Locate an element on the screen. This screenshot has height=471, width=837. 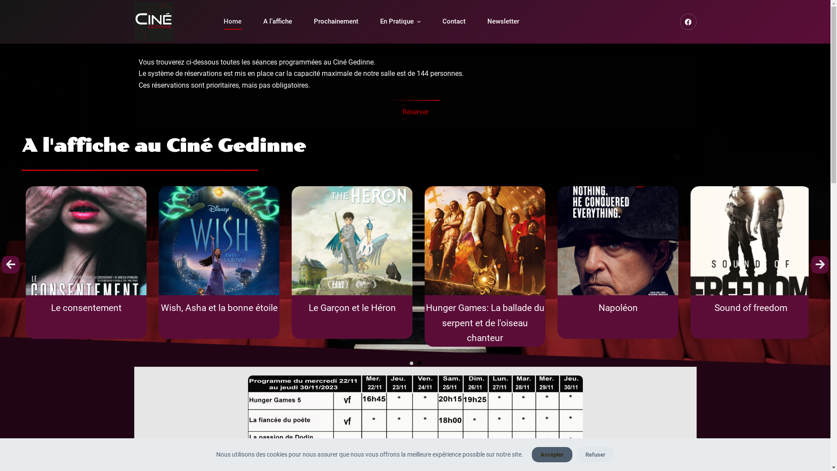
'Refuser' is located at coordinates (577, 454).